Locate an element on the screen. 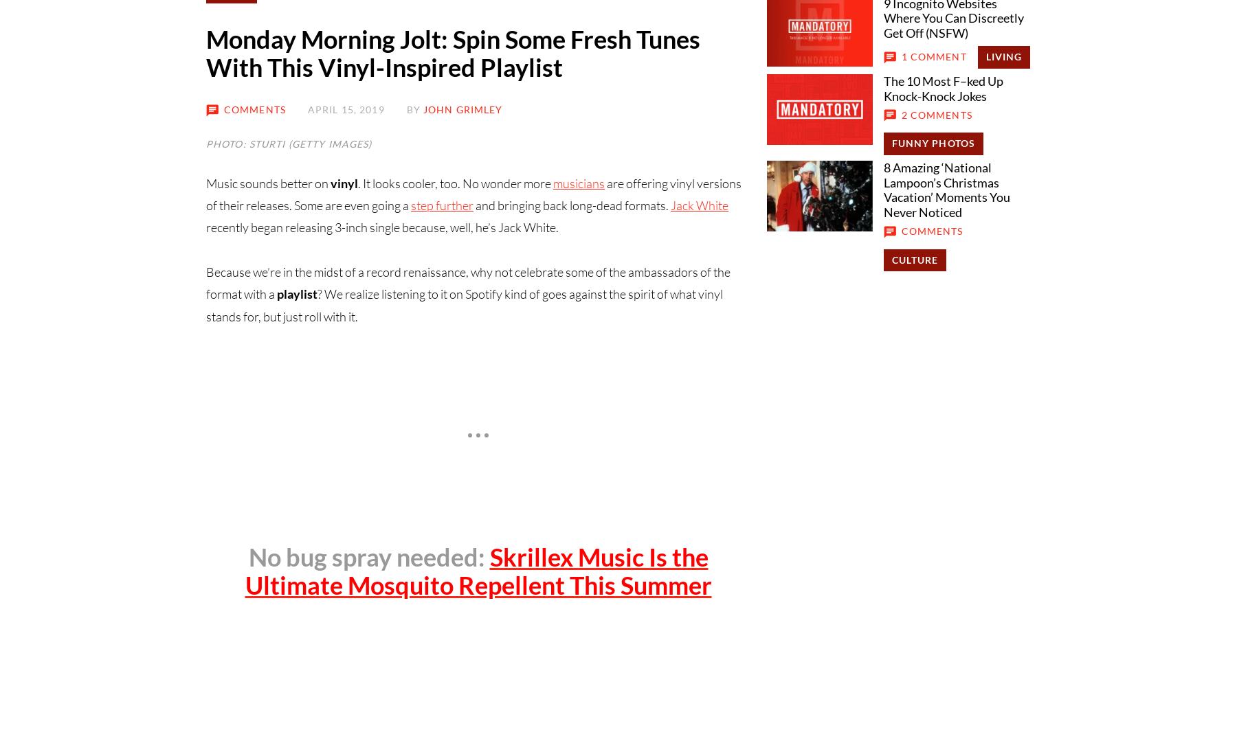 The image size is (1237, 741). ', LLC. © 2023 All Rights Reserved. | Affiliate Disclosure: Evolve Media Holdings, LLC, and its owned and operated subsidiaries may receive a small commission from the proceeds of any product(s) sold through affiliate and direct partner links.' is located at coordinates (678, 384).